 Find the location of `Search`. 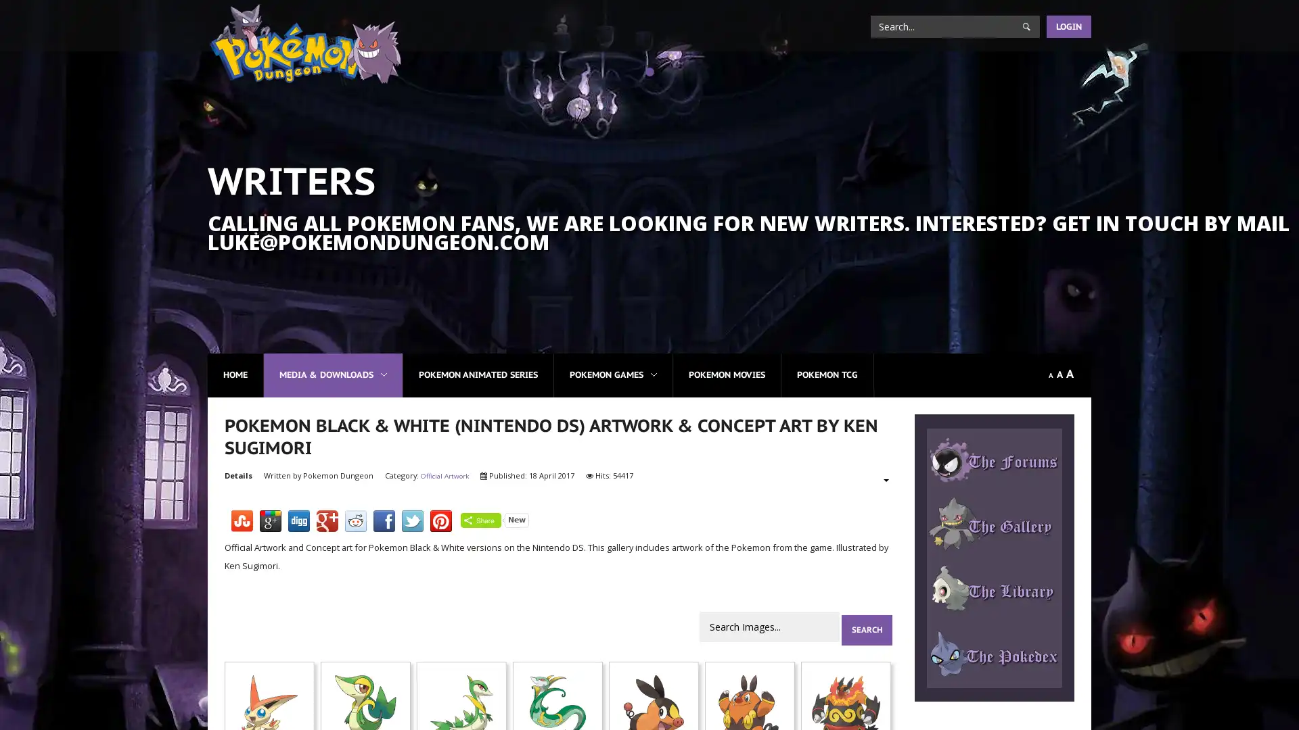

Search is located at coordinates (864, 616).